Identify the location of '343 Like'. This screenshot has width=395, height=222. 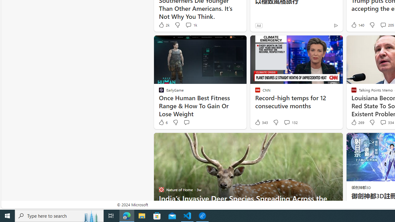
(261, 122).